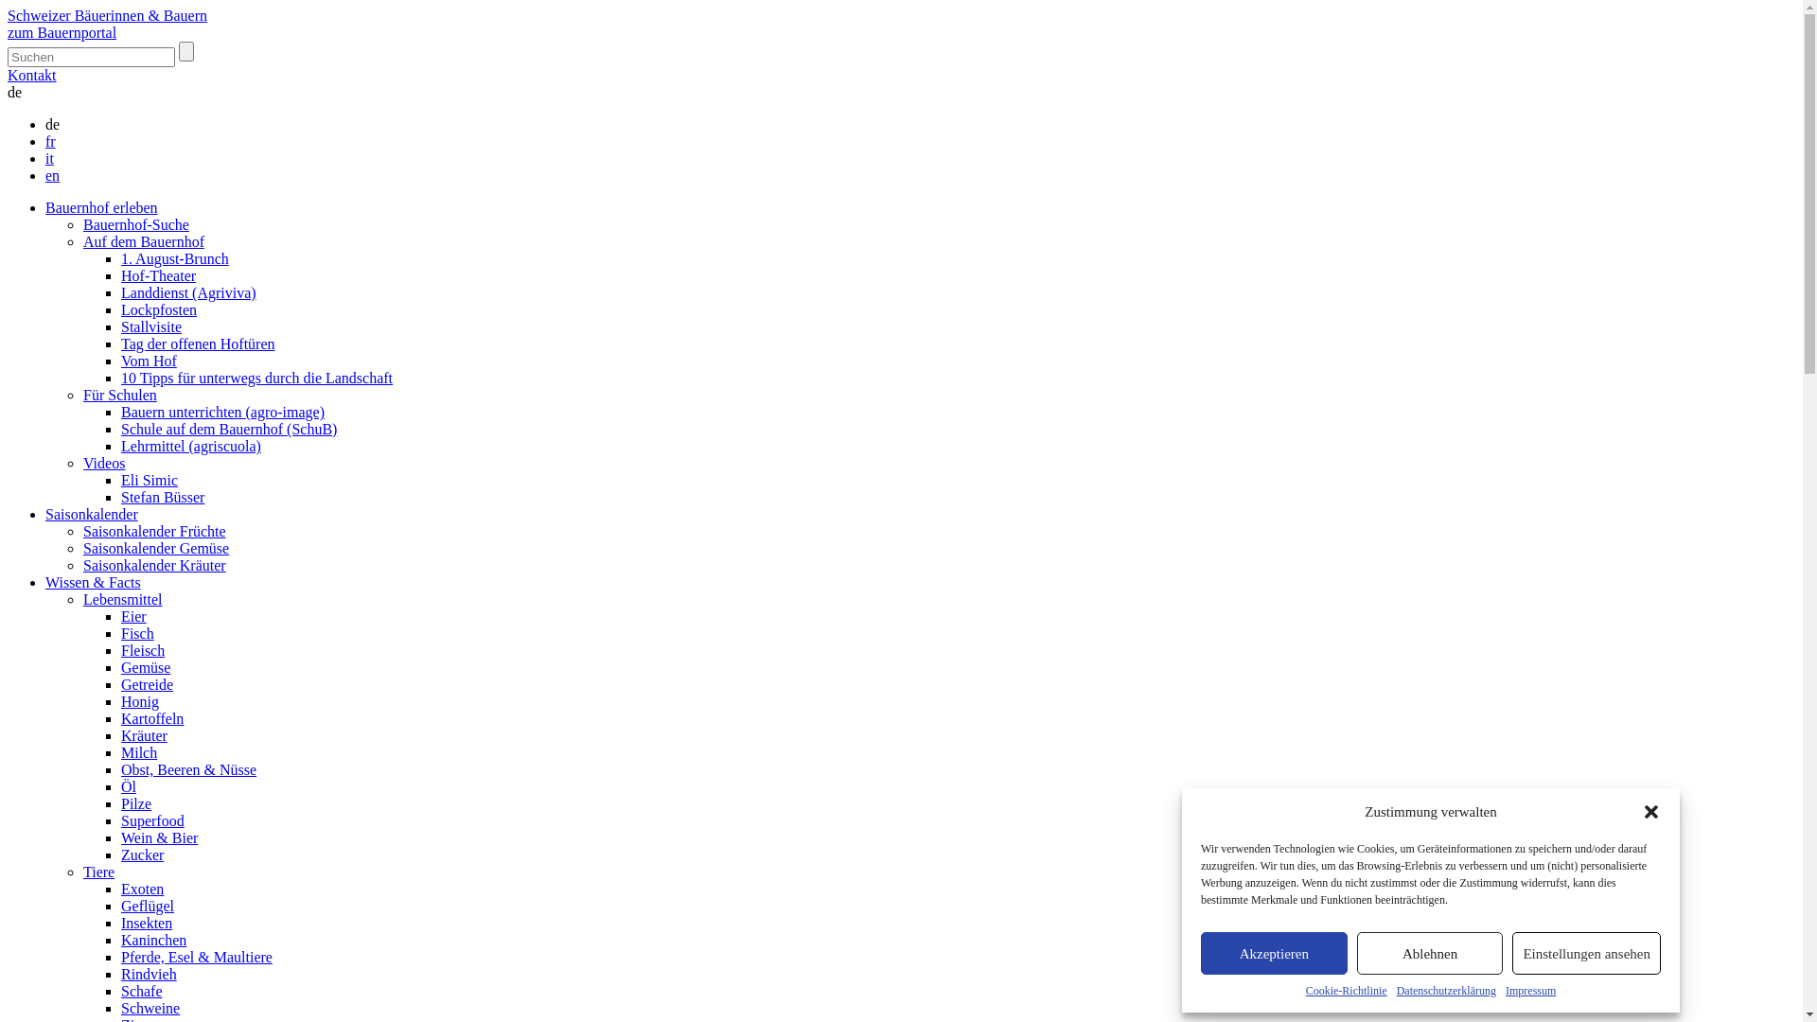  I want to click on 'zum Bauernportal', so click(62, 32).